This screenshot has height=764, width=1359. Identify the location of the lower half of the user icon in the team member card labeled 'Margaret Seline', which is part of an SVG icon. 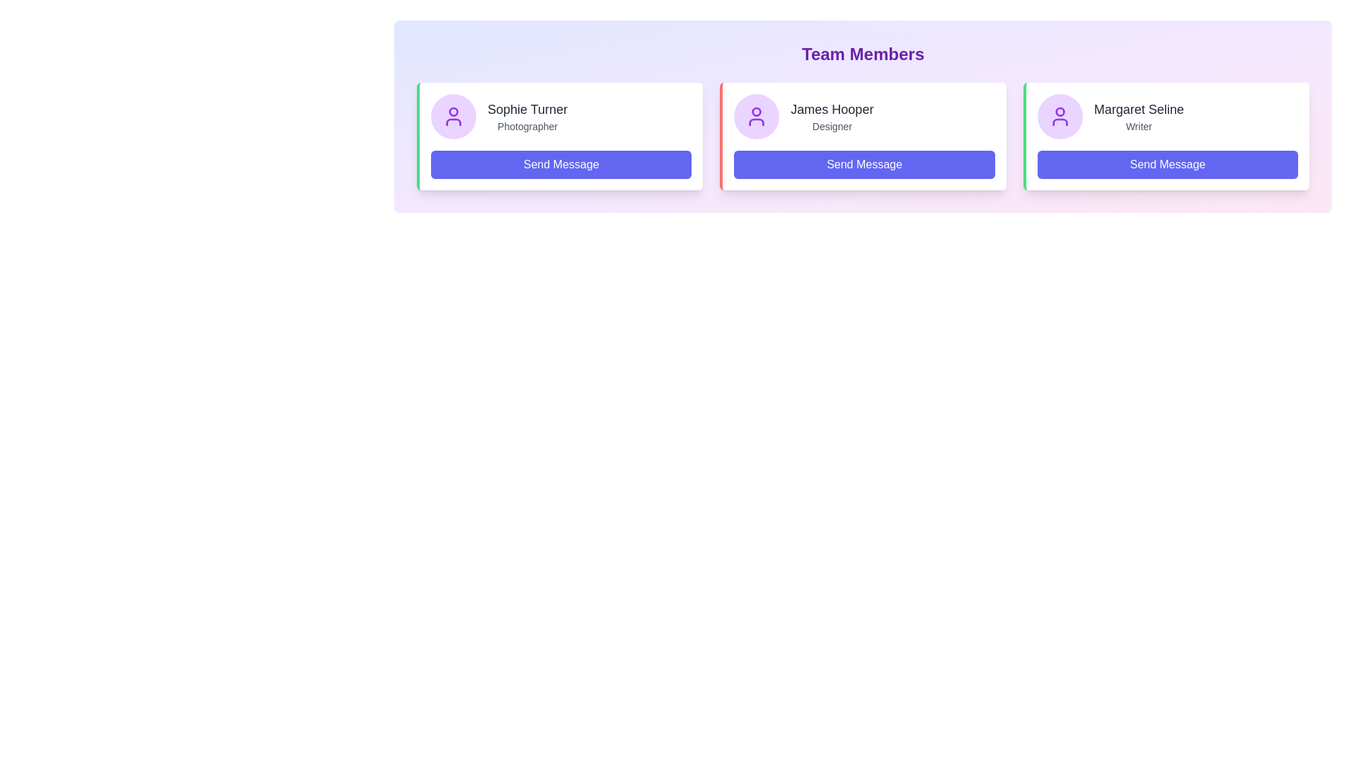
(1060, 122).